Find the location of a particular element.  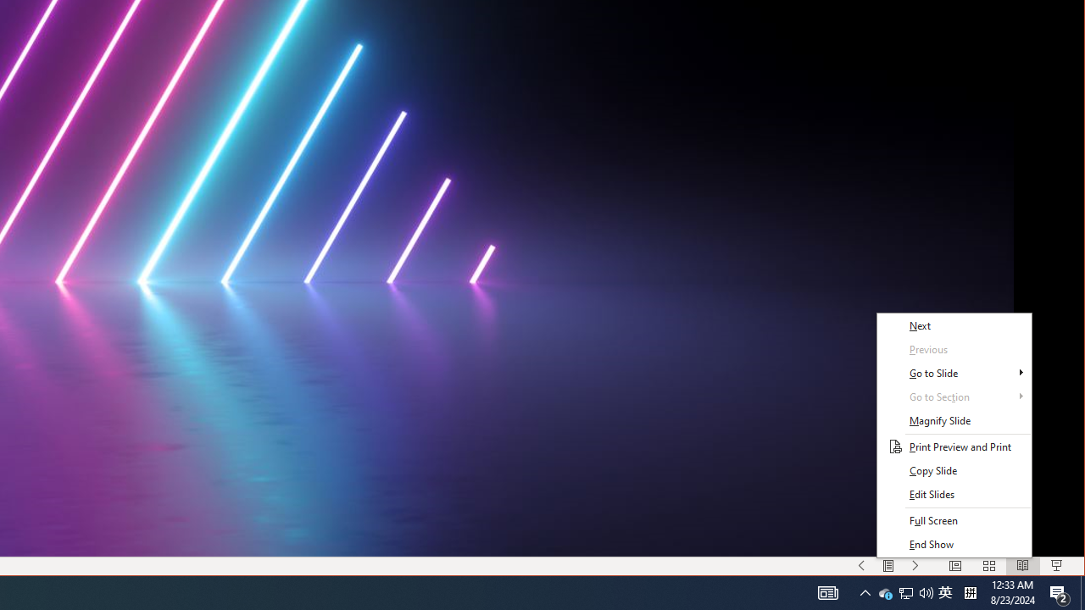

'Go to Section' is located at coordinates (954, 397).